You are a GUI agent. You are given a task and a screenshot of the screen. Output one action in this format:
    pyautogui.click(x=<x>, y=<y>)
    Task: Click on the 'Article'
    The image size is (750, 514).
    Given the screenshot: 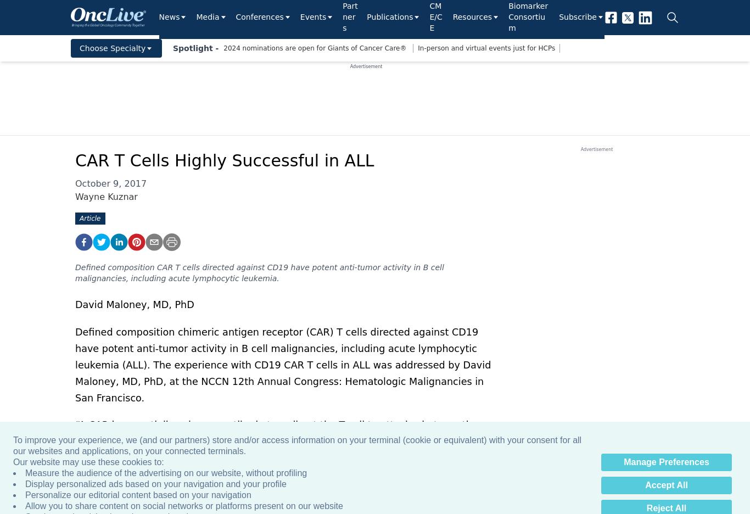 What is the action you would take?
    pyautogui.click(x=79, y=217)
    